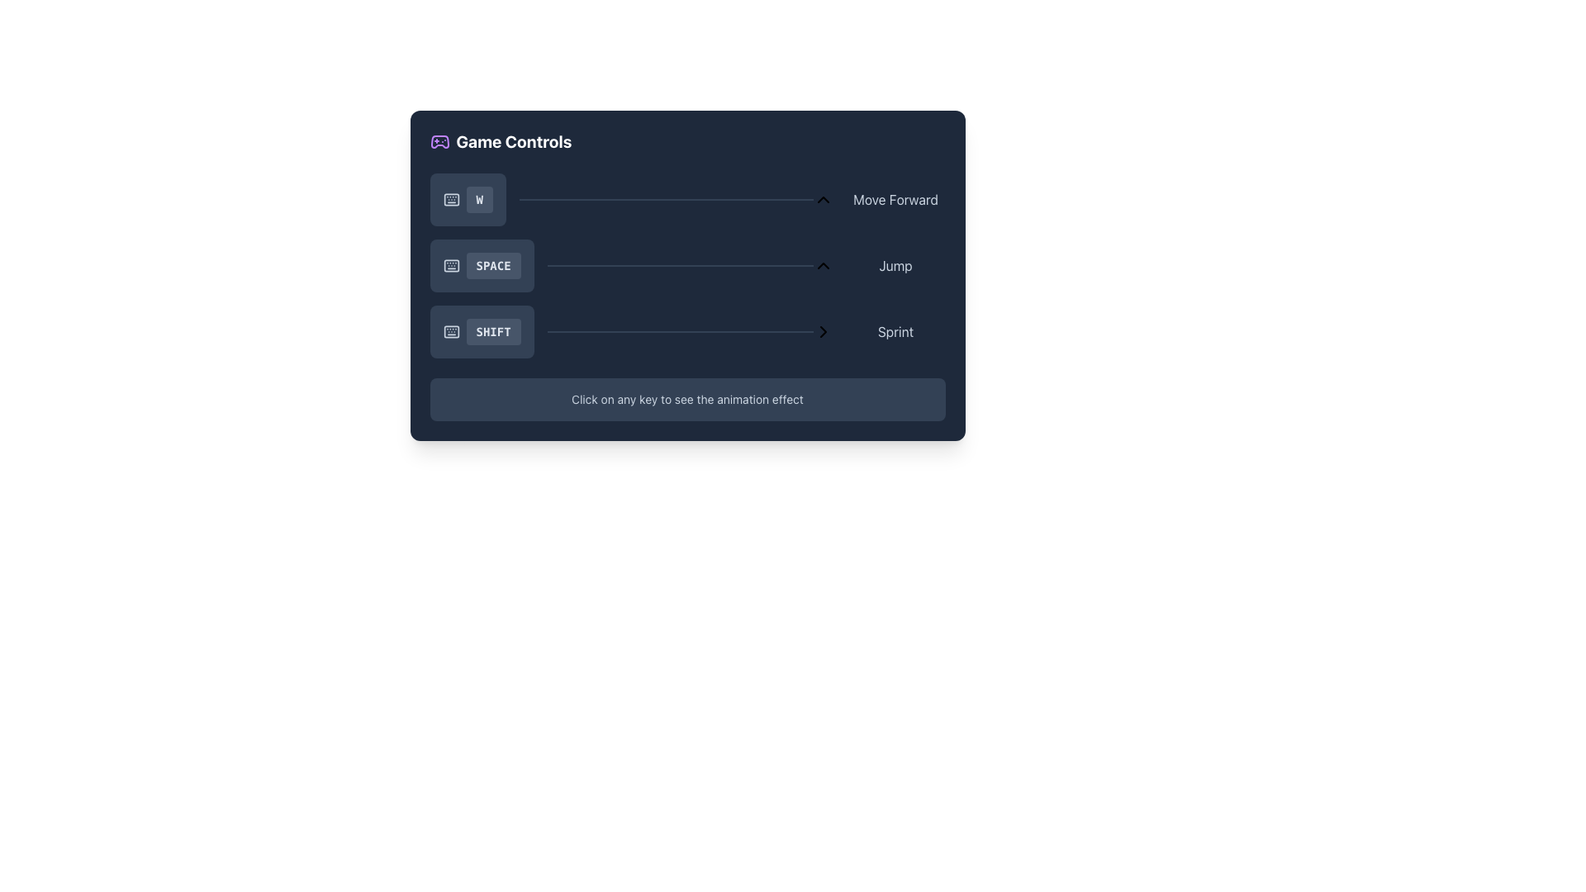  I want to click on the 'Jump' keybinding button, located between the 'W' button above and the 'SHIFT' button below in the Game Controls section, so click(481, 264).